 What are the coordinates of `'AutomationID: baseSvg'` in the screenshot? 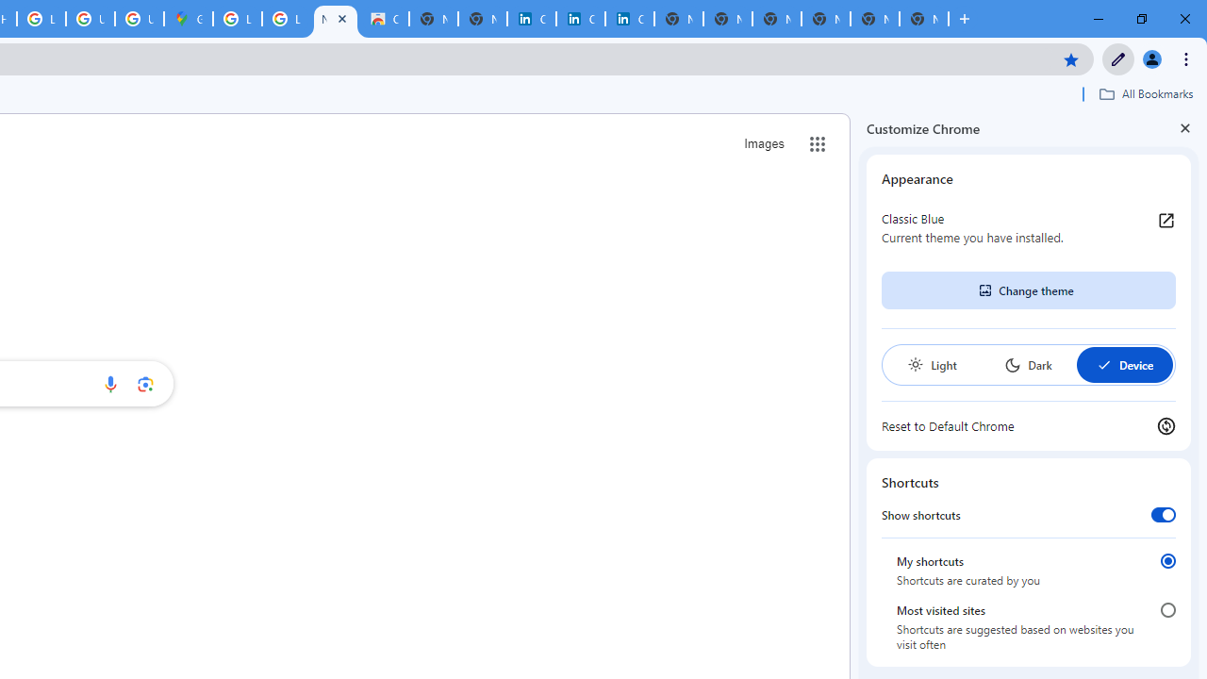 It's located at (1103, 365).